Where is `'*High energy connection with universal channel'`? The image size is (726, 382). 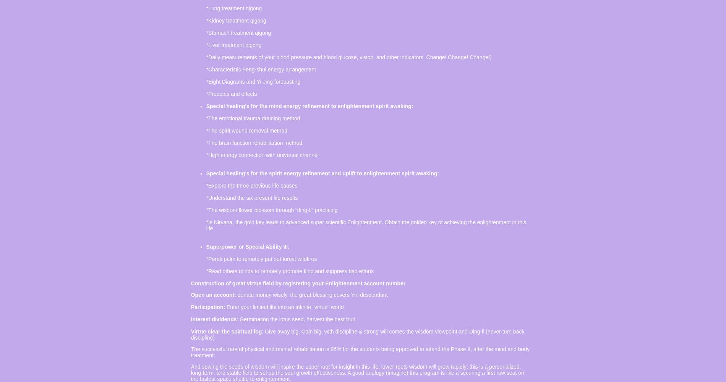 '*High energy connection with universal channel' is located at coordinates (262, 155).